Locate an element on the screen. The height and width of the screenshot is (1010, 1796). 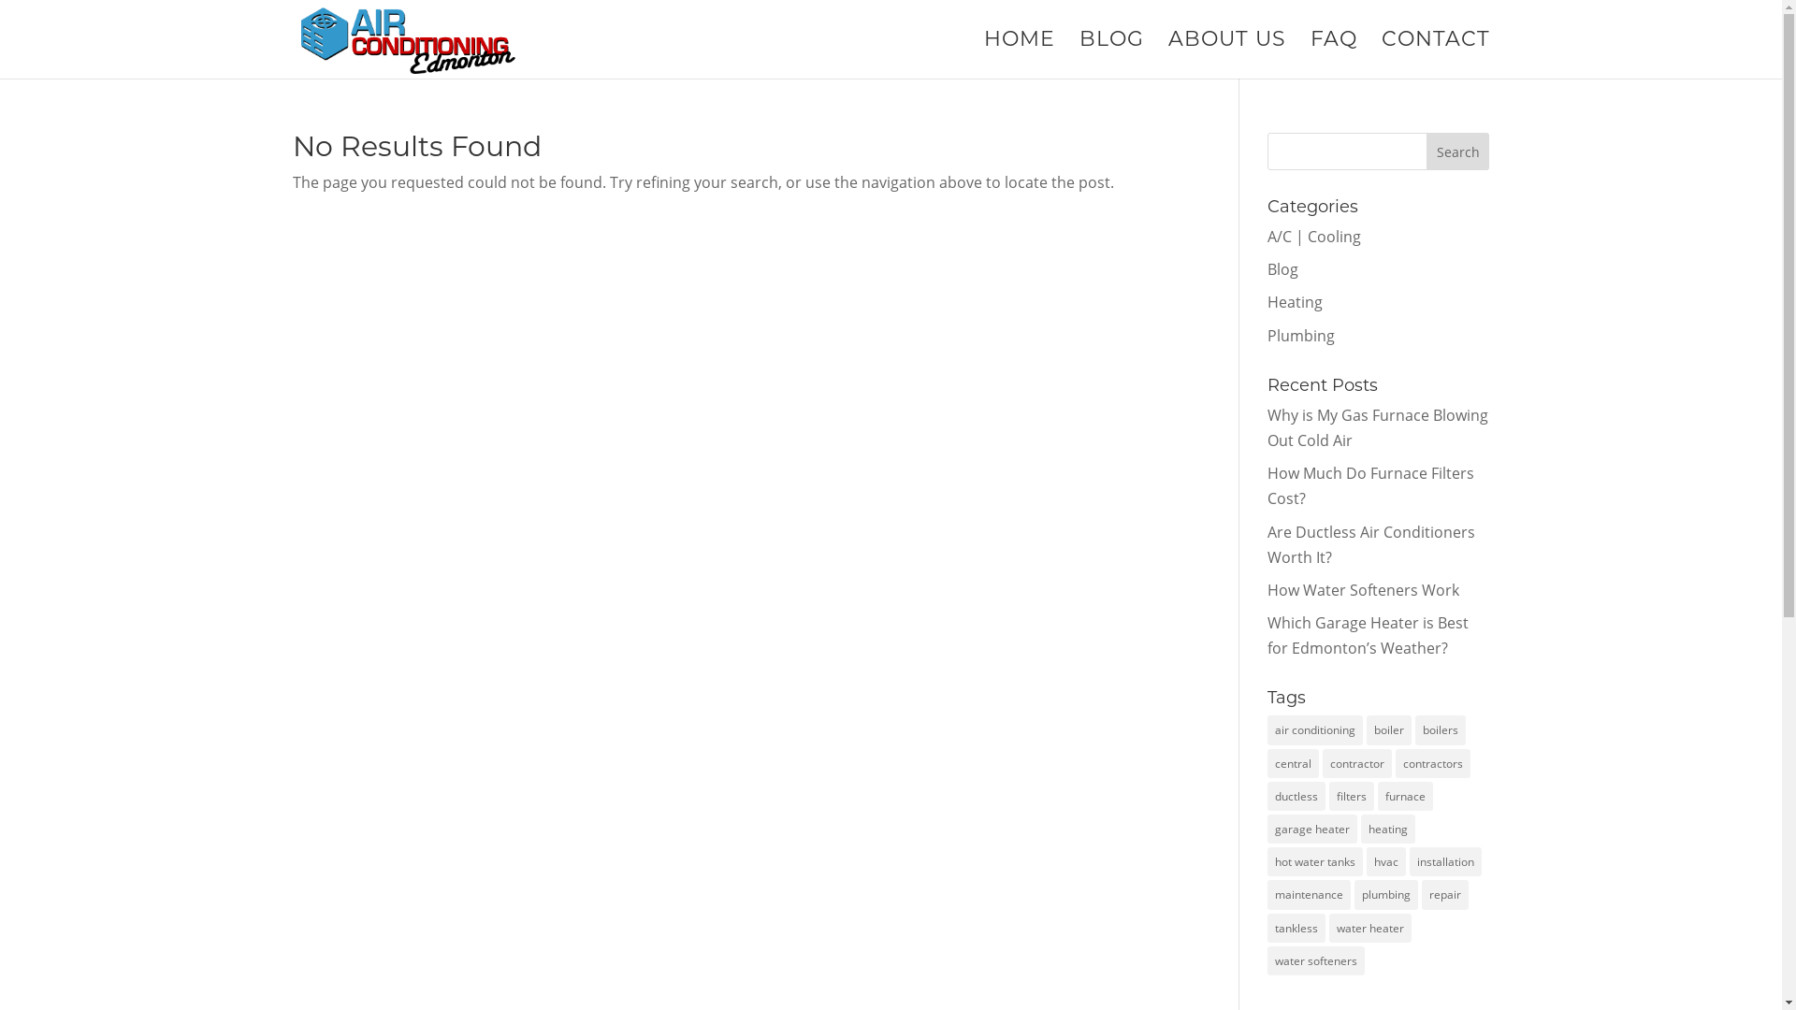
'water softeners' is located at coordinates (1267, 960).